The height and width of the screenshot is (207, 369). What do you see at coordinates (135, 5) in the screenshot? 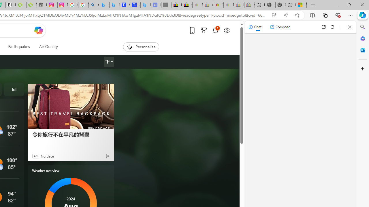
I see `'Shangri-La Bangkok, Hotel reviews and Room rates'` at bounding box center [135, 5].